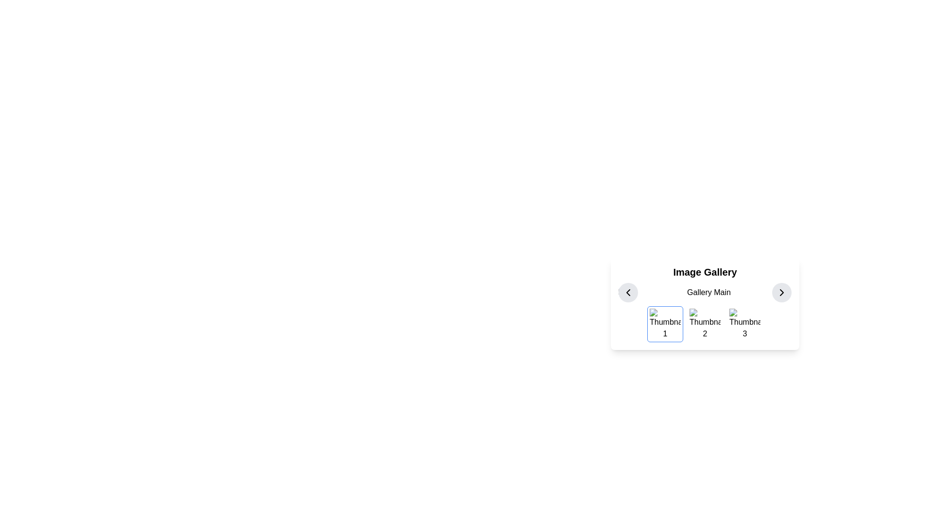 The height and width of the screenshot is (525, 933). I want to click on the circular button with a gray background and black right-arrow icon, so click(781, 292).